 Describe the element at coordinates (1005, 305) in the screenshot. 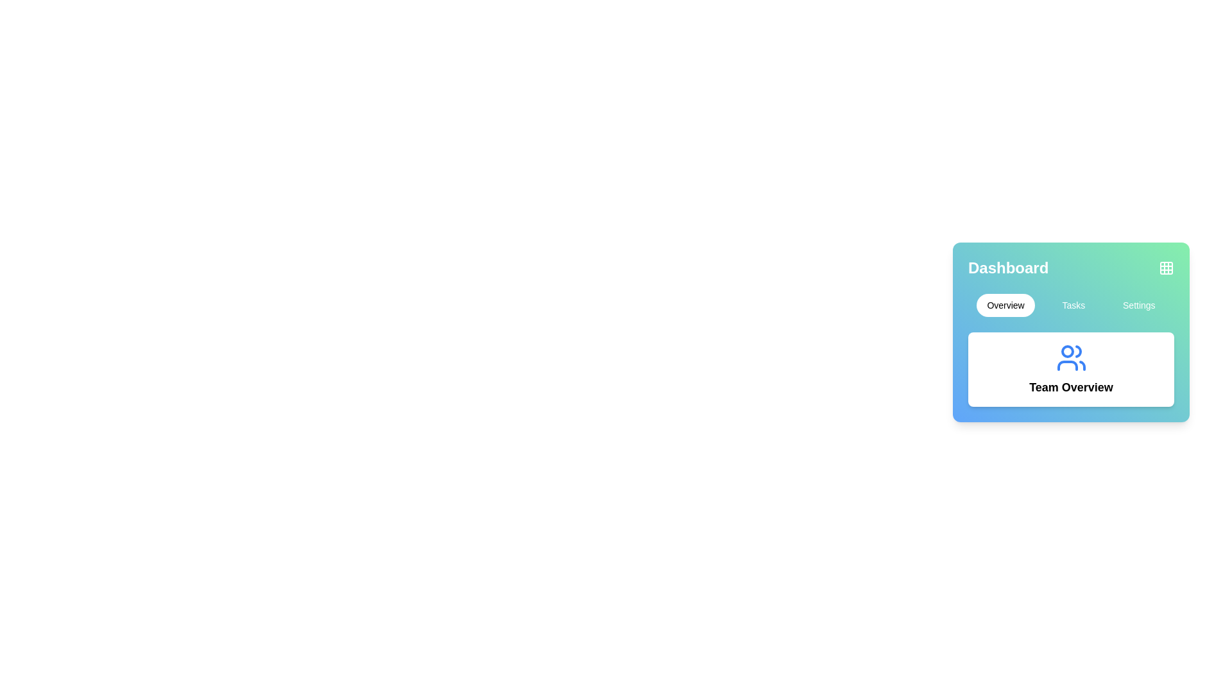

I see `the navigational button on the leftmost side of the menu` at that location.